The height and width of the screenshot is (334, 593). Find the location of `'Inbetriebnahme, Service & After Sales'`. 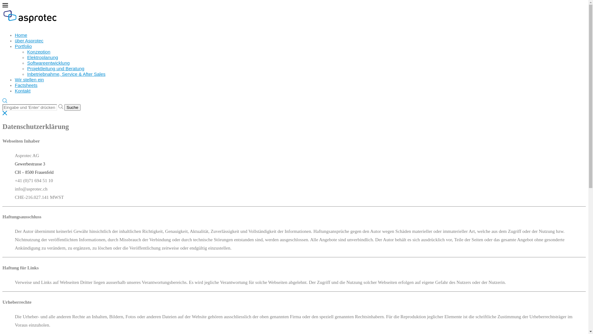

'Inbetriebnahme, Service & After Sales' is located at coordinates (66, 74).